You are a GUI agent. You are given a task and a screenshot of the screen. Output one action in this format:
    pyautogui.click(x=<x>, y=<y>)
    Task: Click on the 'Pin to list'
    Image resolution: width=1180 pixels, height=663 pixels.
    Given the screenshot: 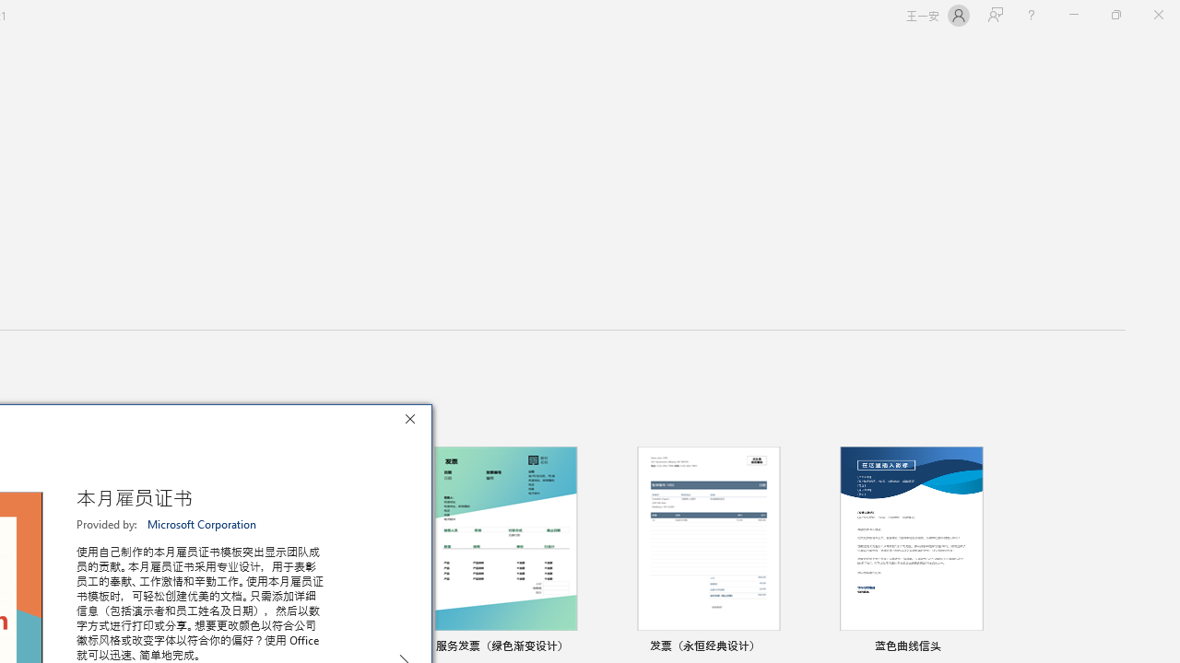 What is the action you would take?
    pyautogui.click(x=990, y=646)
    